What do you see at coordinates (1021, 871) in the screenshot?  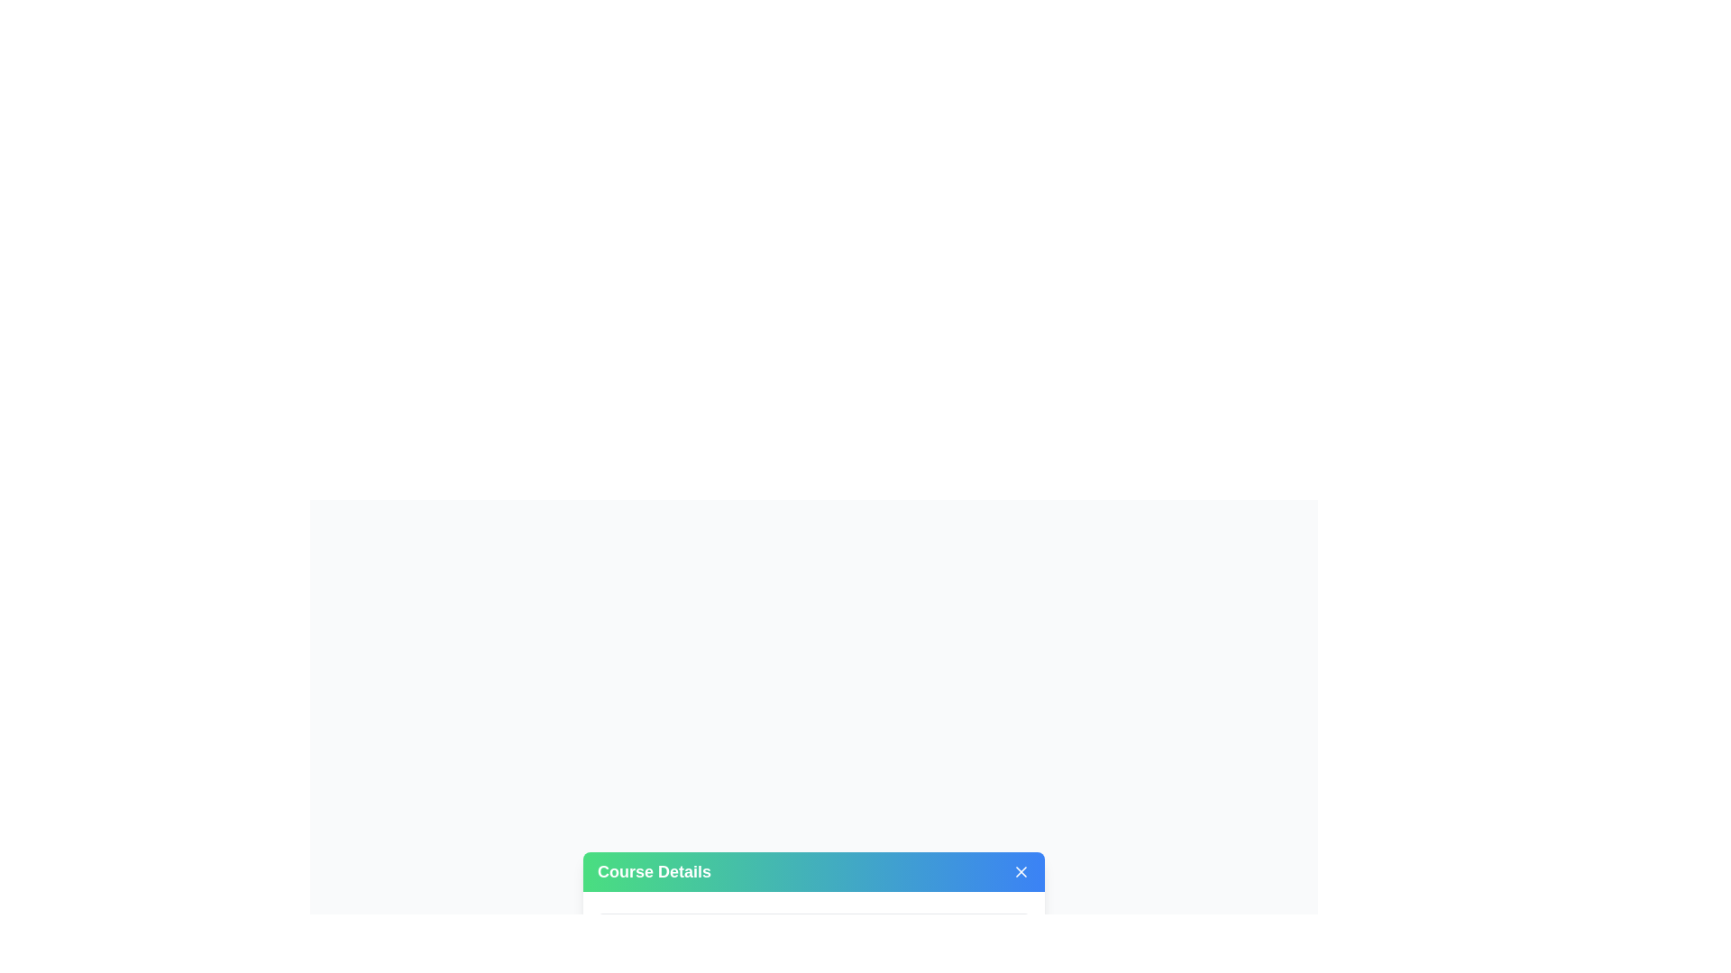 I see `the close button located at the top-right corner of the dialog` at bounding box center [1021, 871].